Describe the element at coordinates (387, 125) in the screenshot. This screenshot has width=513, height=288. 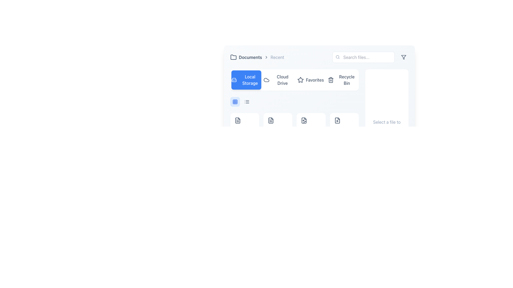
I see `text from the informational section with a white background and rounded corners that says 'Select a file to view details', located in the right-side column of the layout` at that location.